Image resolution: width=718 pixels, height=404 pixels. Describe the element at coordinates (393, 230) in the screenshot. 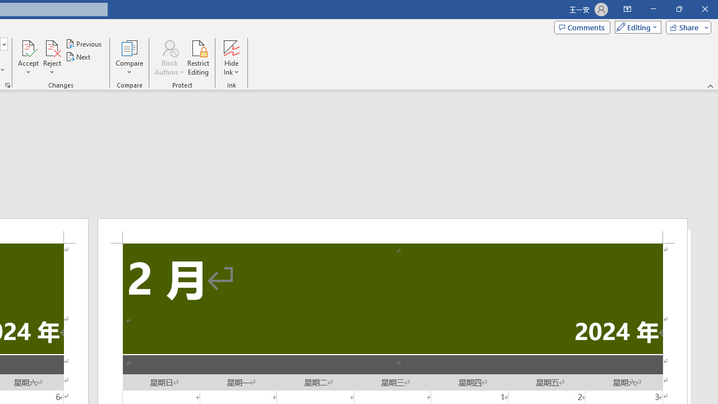

I see `'Header -Section 2-'` at that location.